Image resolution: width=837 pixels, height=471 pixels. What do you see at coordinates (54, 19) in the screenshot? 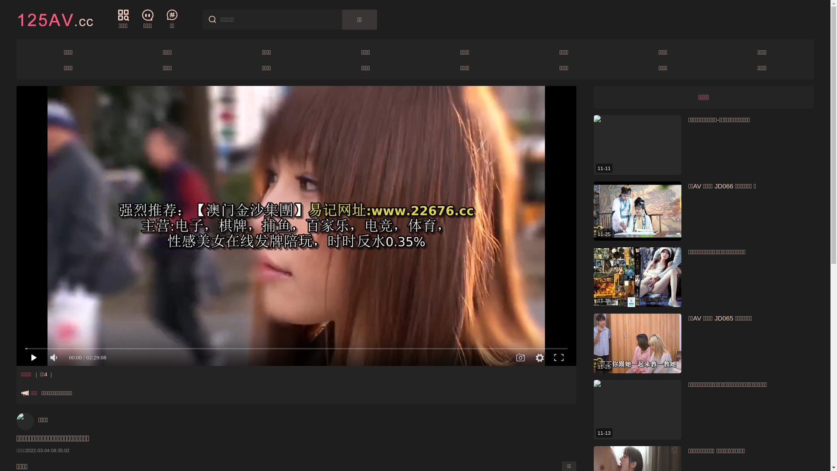
I see `'125AV'` at bounding box center [54, 19].